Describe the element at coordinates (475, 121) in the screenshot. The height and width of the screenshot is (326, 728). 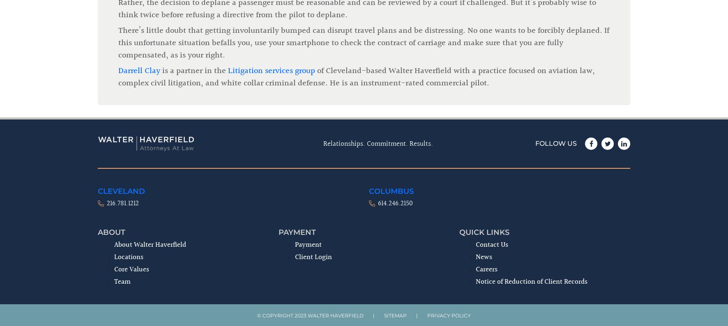
I see `'News'` at that location.